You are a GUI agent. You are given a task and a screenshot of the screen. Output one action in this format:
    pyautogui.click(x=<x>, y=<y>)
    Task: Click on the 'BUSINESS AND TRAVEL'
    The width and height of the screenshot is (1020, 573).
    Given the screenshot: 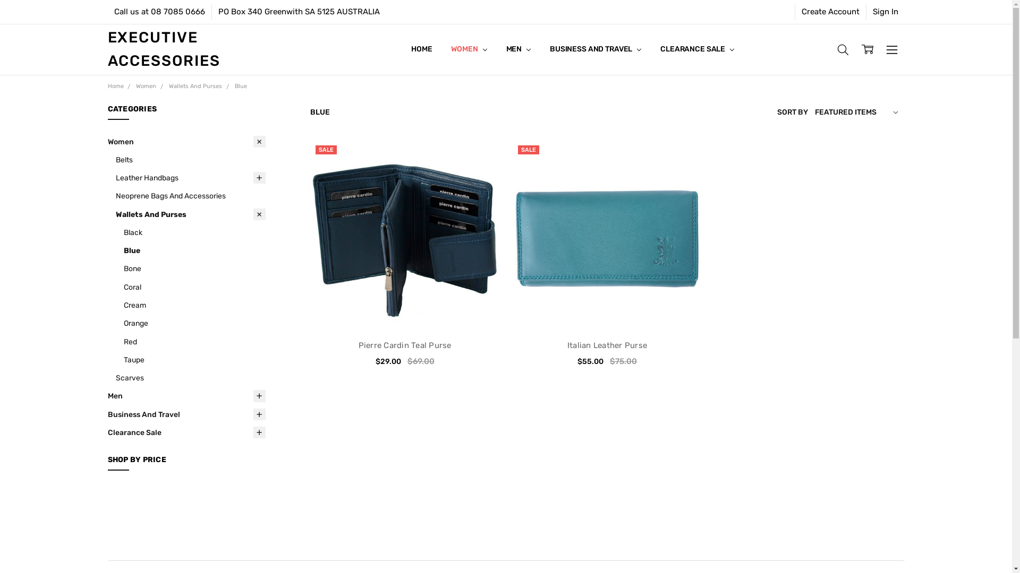 What is the action you would take?
    pyautogui.click(x=596, y=49)
    